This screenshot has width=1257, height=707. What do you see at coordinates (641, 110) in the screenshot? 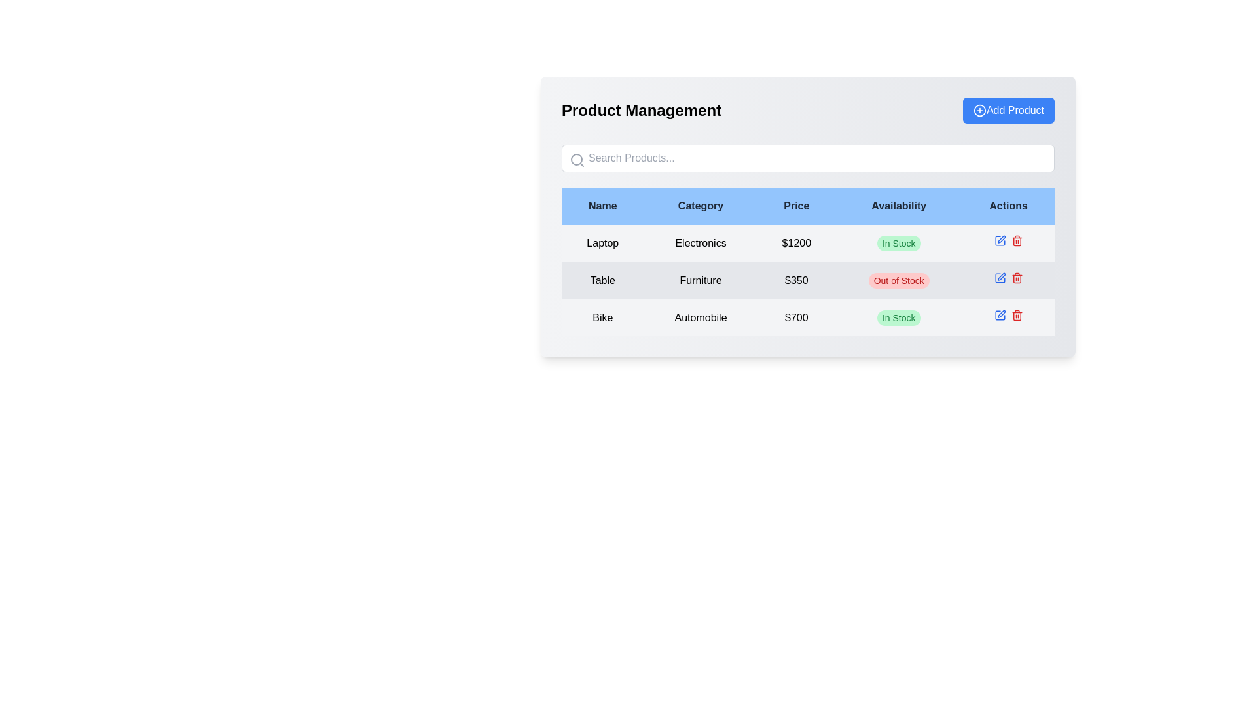
I see `the 'Product Management' header text element, which is a bold, large font label displayed at the top-left corner of the interface` at bounding box center [641, 110].